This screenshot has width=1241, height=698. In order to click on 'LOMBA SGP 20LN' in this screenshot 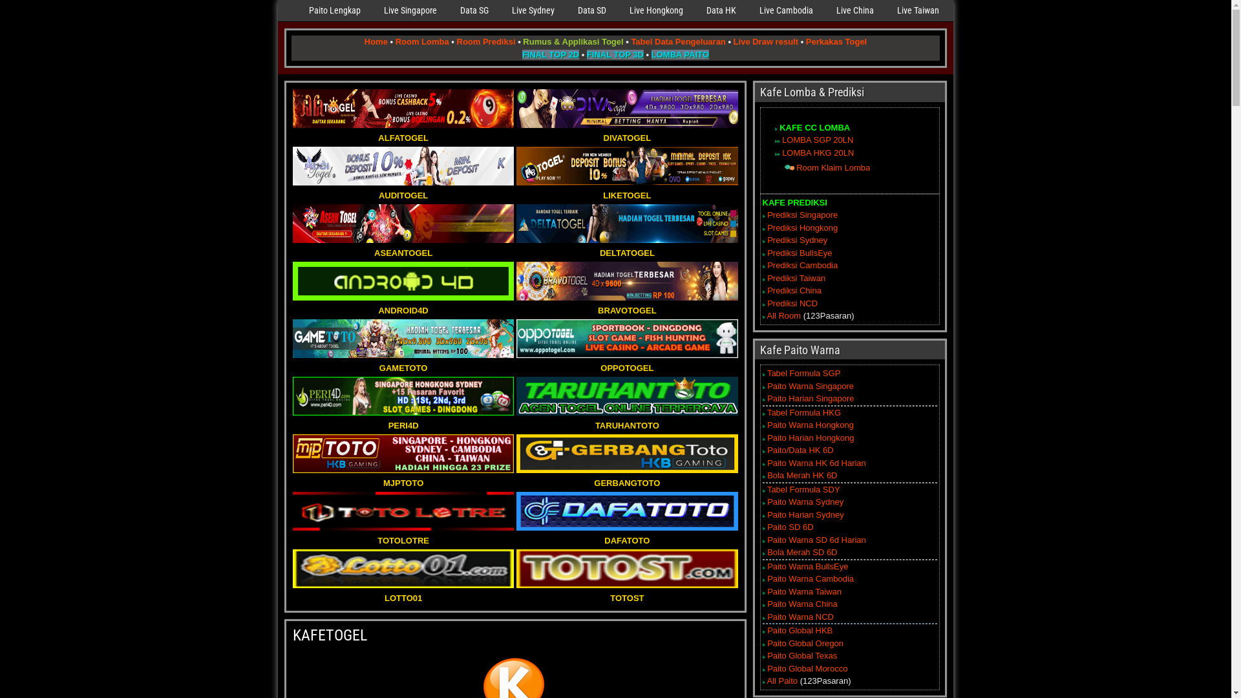, I will do `click(817, 140)`.